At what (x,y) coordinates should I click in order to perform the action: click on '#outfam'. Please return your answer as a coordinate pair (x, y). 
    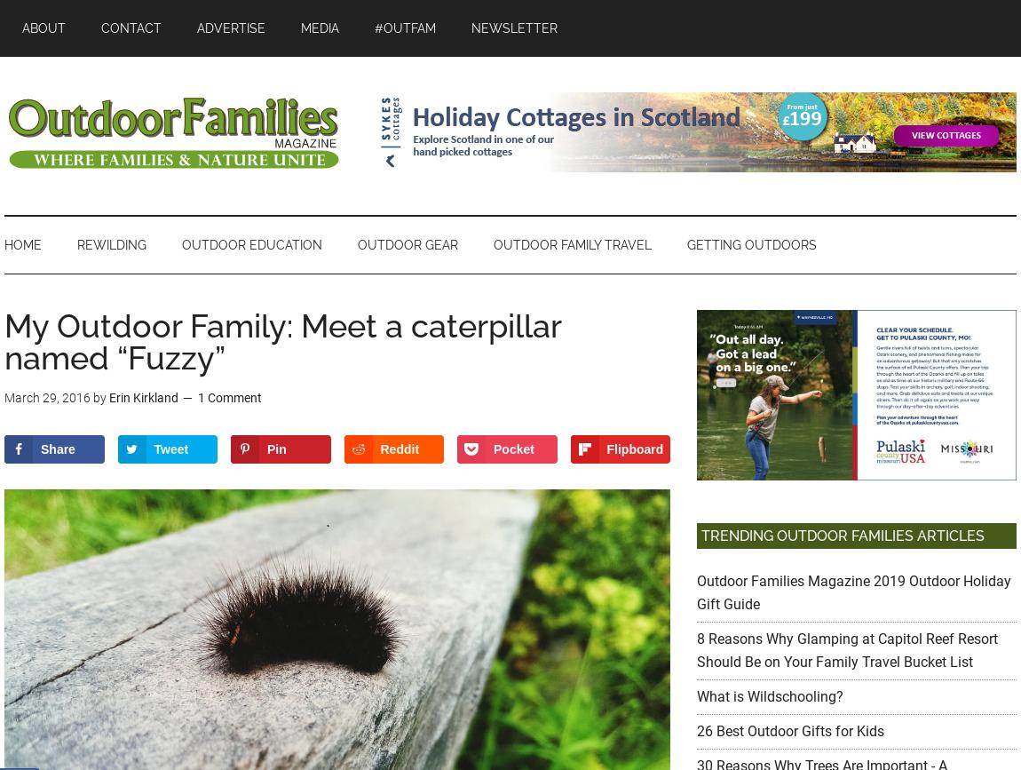
    Looking at the image, I should click on (405, 28).